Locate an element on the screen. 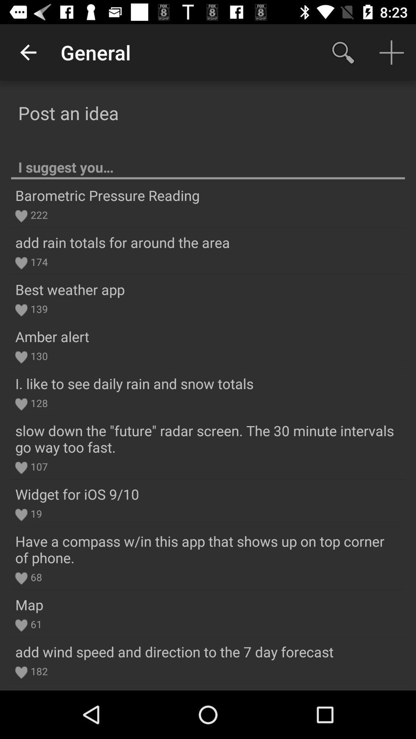 The width and height of the screenshot is (416, 739). the icon which is below widget for ios 010 on the page is located at coordinates (21, 515).